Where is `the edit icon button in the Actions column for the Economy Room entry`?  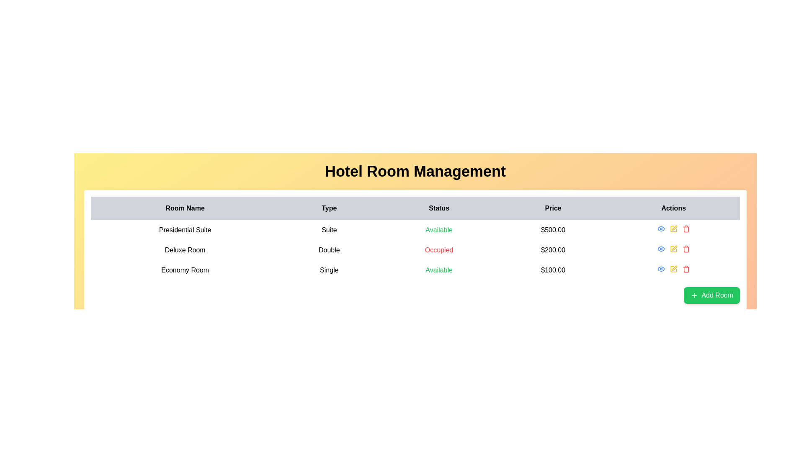
the edit icon button in the Actions column for the Economy Room entry is located at coordinates (674, 268).